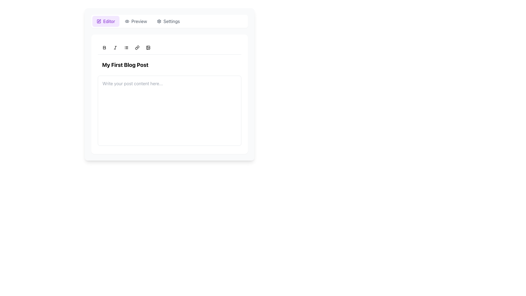 The height and width of the screenshot is (296, 526). Describe the element at coordinates (136, 21) in the screenshot. I see `the 'Preview' button, the second button in a horizontal arrangement of three buttons` at that location.